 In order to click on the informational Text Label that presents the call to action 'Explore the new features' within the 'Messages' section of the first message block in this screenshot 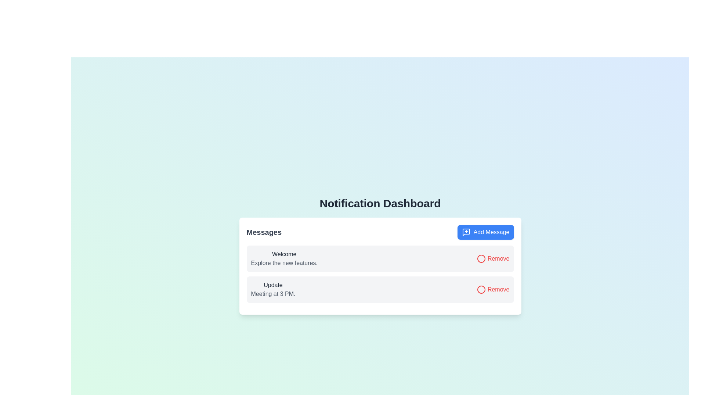, I will do `click(284, 263)`.